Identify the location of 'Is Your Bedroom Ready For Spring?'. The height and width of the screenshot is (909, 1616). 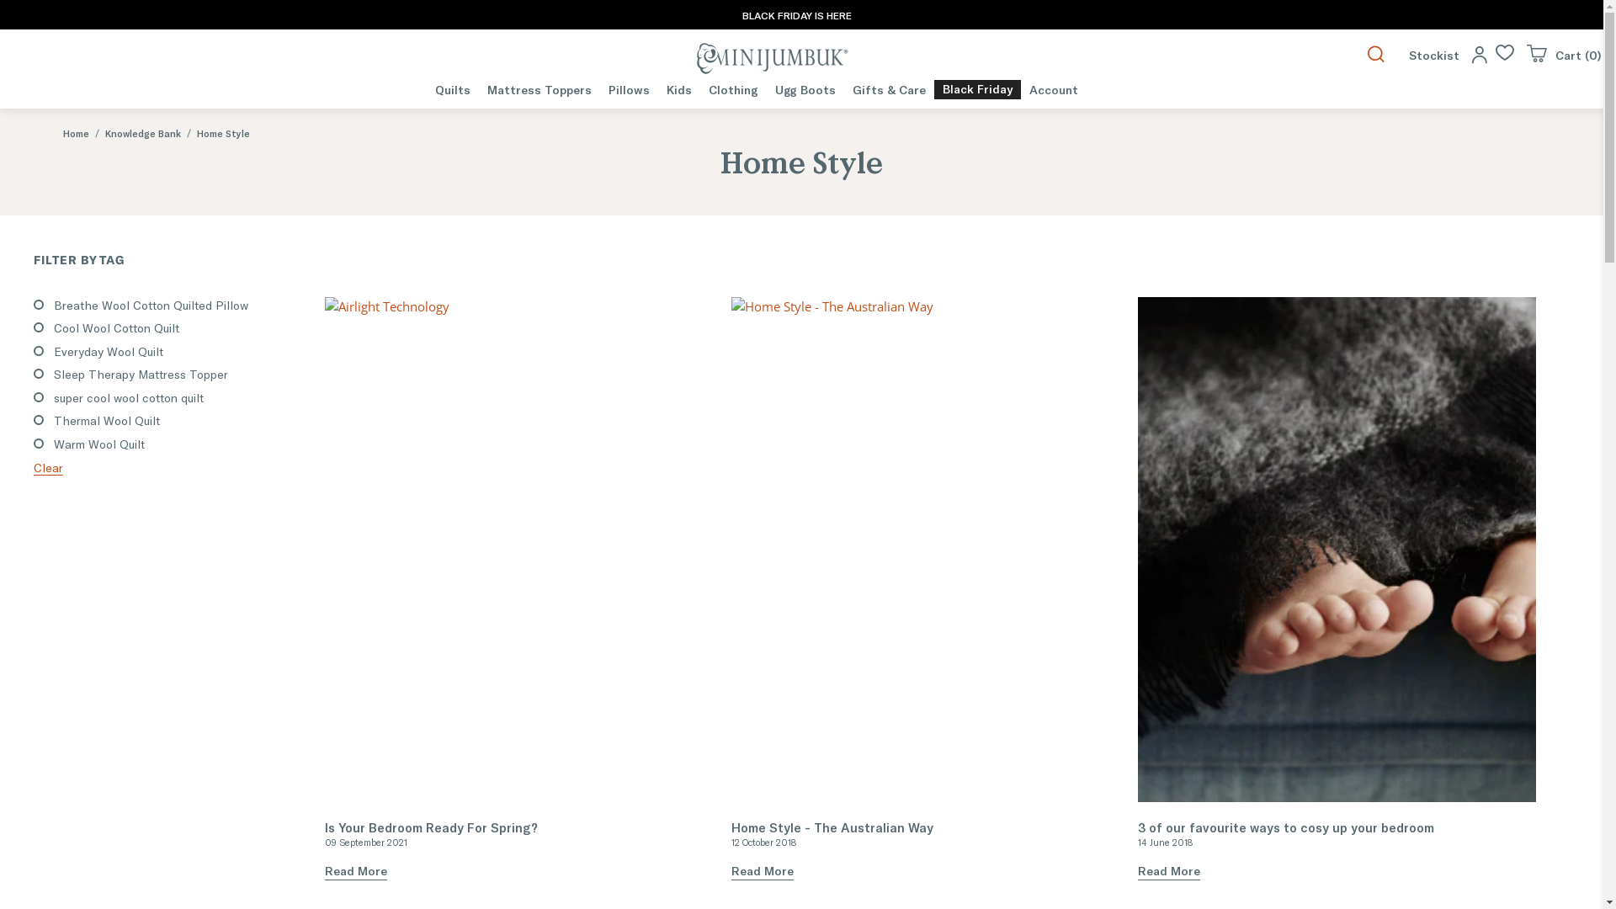
(523, 549).